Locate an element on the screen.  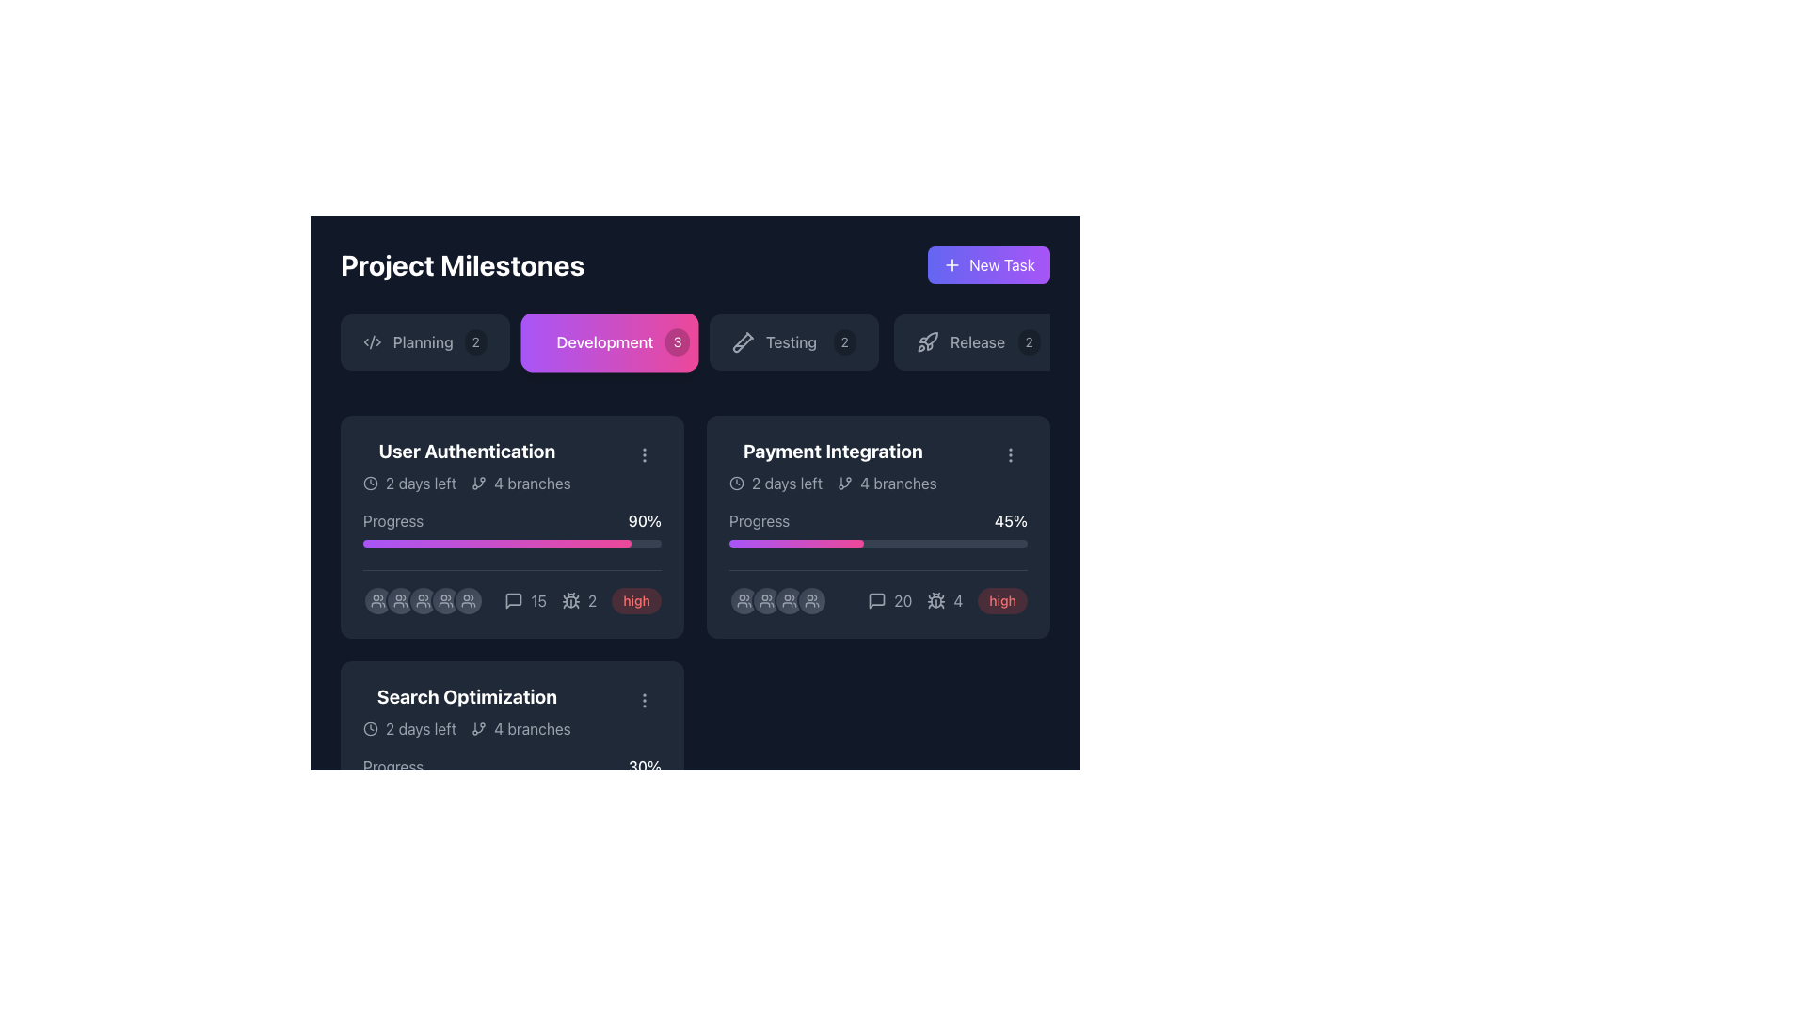
the Icon element that visually represents a clock, located at the center of the clock icon on the 'Search Optimization' card is located at coordinates (370, 728).